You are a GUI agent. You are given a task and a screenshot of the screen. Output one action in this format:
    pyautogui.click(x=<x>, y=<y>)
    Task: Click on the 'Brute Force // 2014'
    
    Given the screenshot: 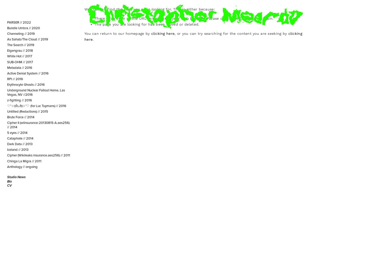 What is the action you would take?
    pyautogui.click(x=7, y=117)
    